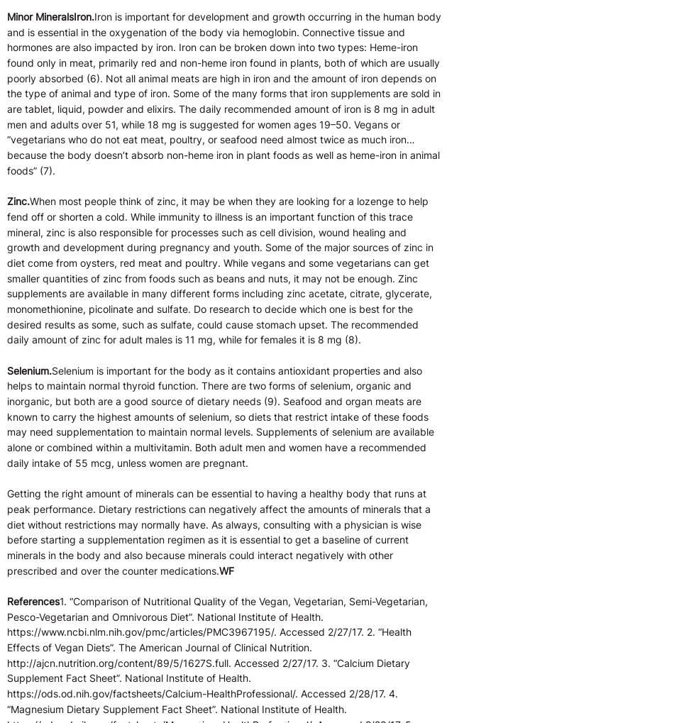  What do you see at coordinates (18, 200) in the screenshot?
I see `'Zinc.'` at bounding box center [18, 200].